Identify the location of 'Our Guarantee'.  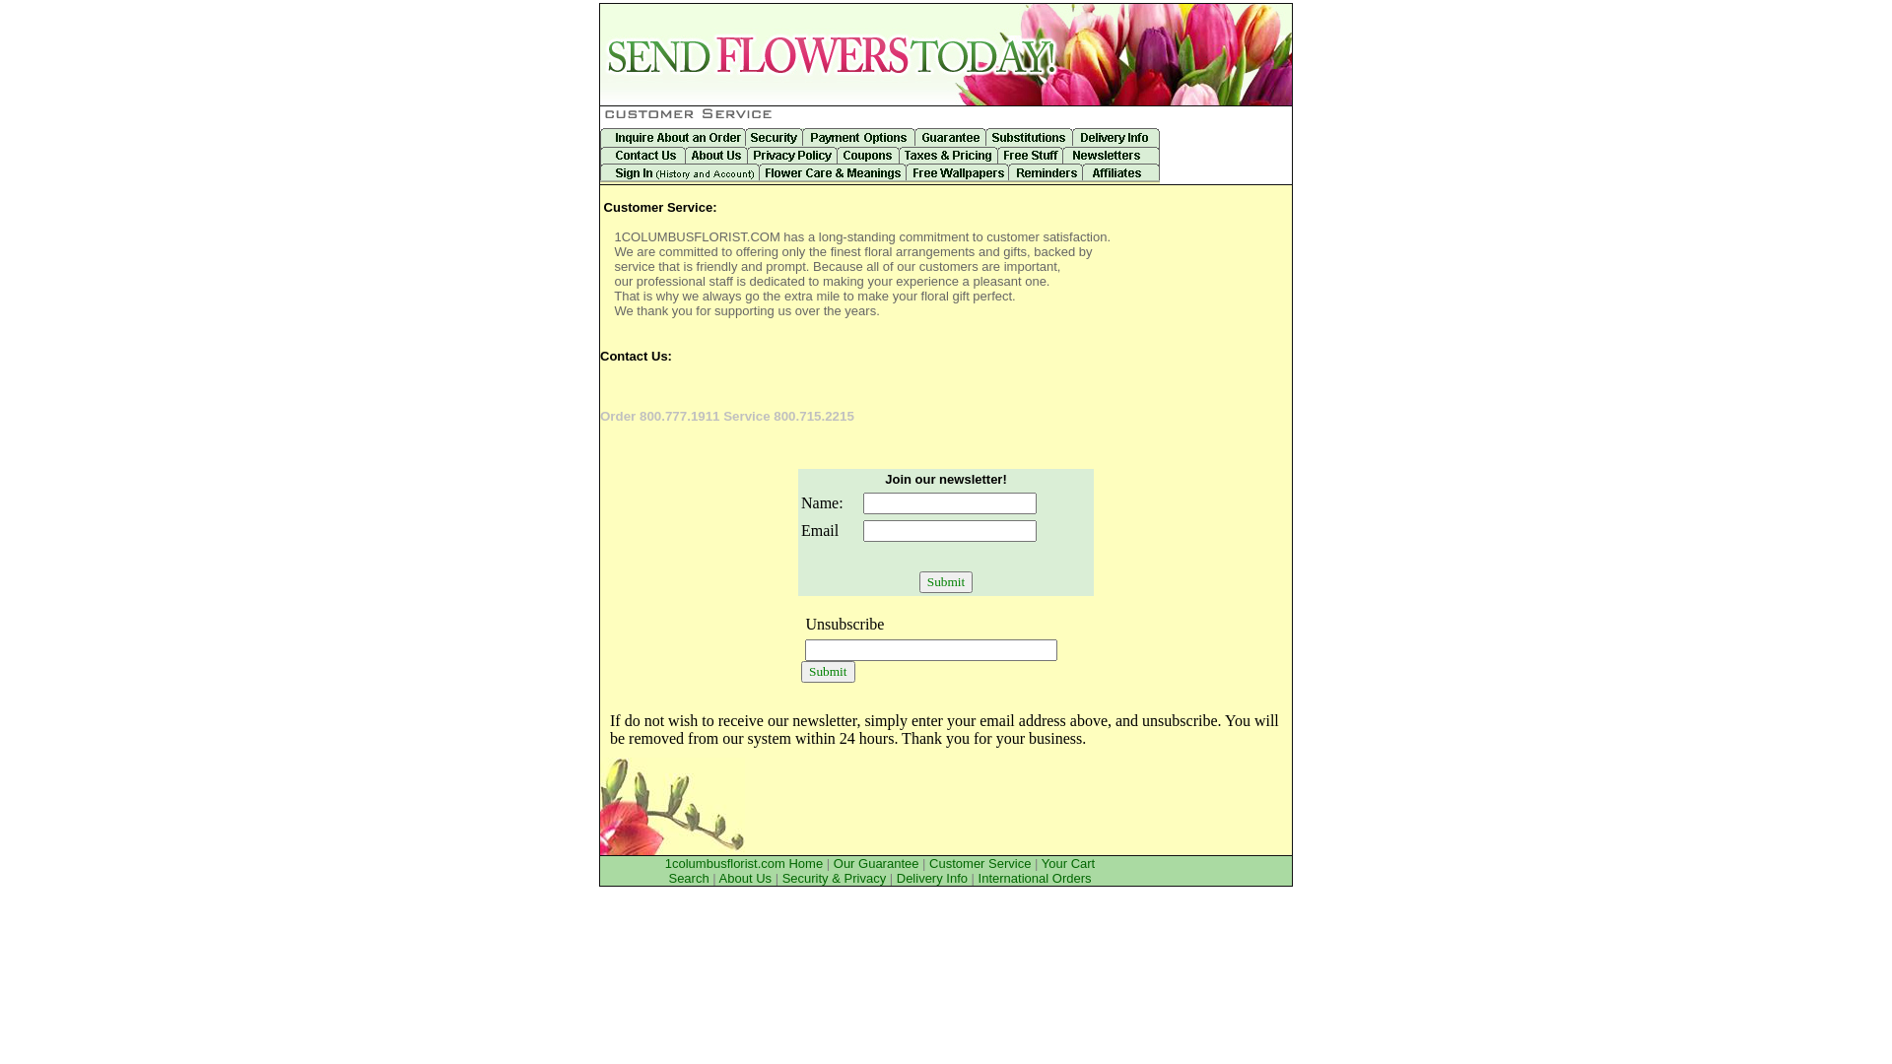
(833, 862).